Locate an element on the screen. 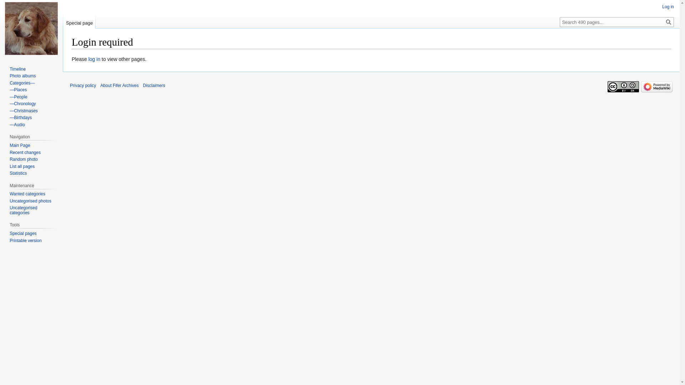 Image resolution: width=685 pixels, height=385 pixels. 'log in' is located at coordinates (94, 58).